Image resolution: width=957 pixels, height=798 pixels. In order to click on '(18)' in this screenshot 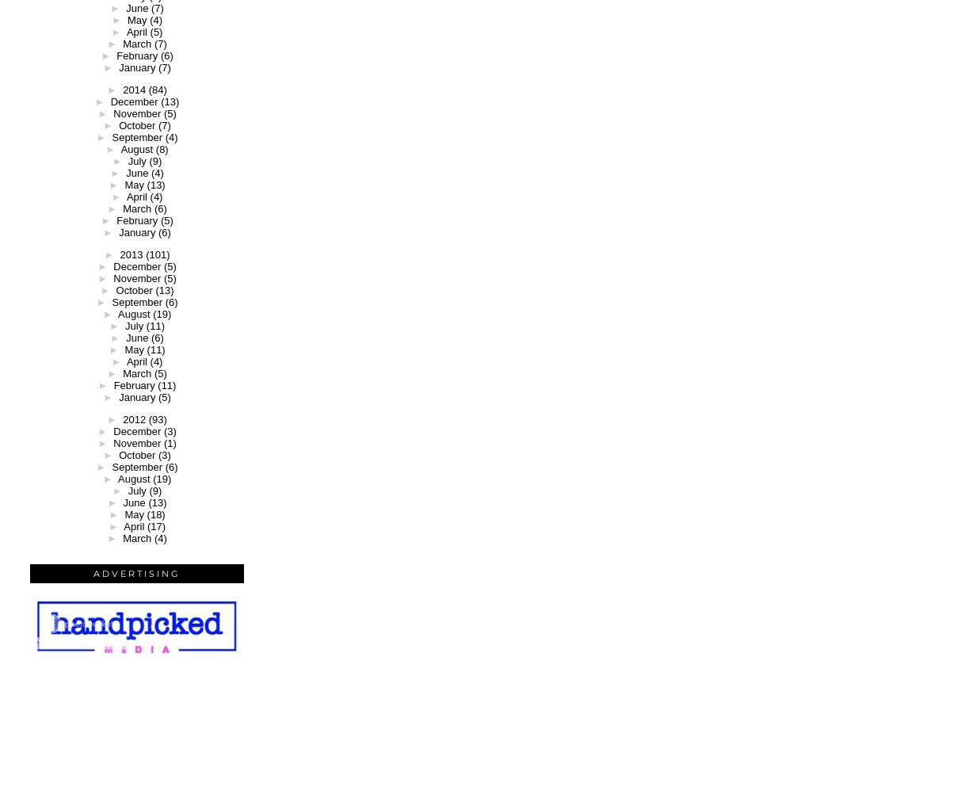, I will do `click(155, 514)`.